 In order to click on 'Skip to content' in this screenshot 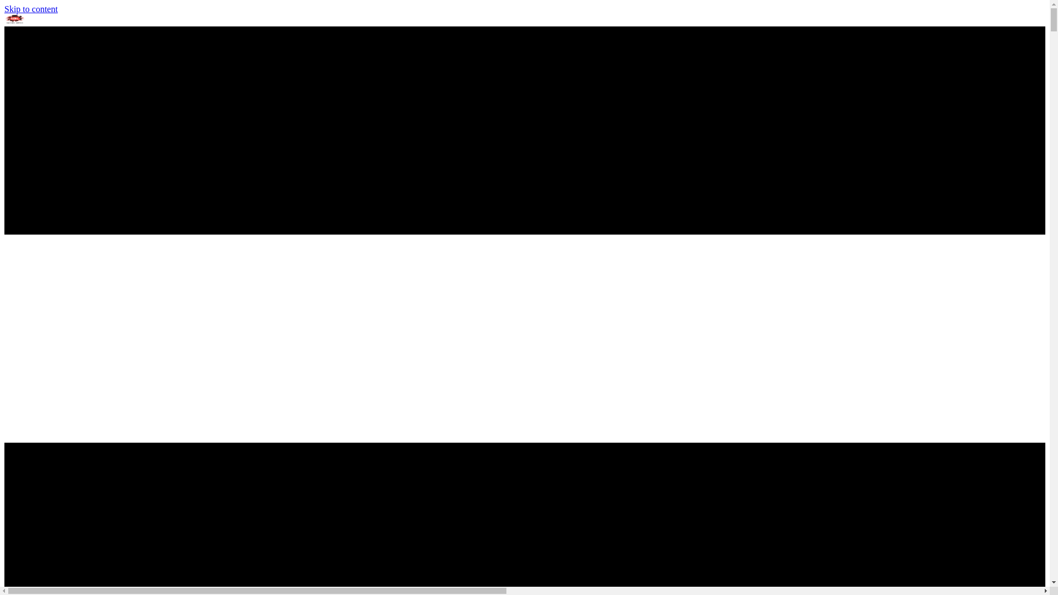, I will do `click(31, 9)`.